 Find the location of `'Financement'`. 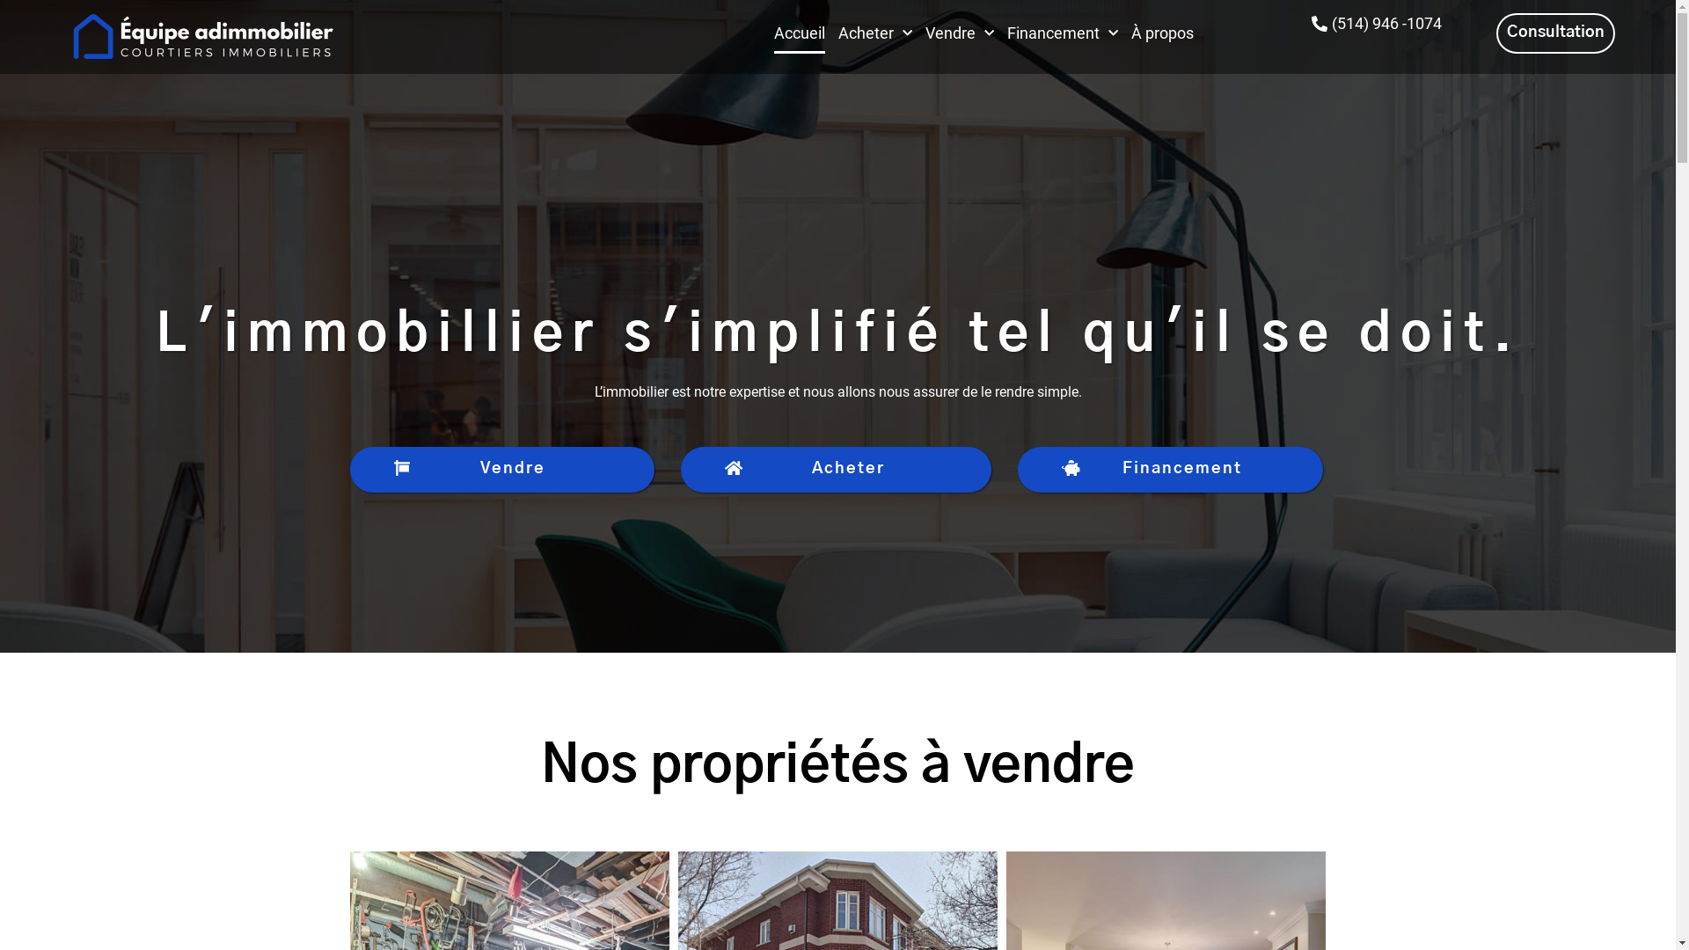

'Financement' is located at coordinates (1170, 469).